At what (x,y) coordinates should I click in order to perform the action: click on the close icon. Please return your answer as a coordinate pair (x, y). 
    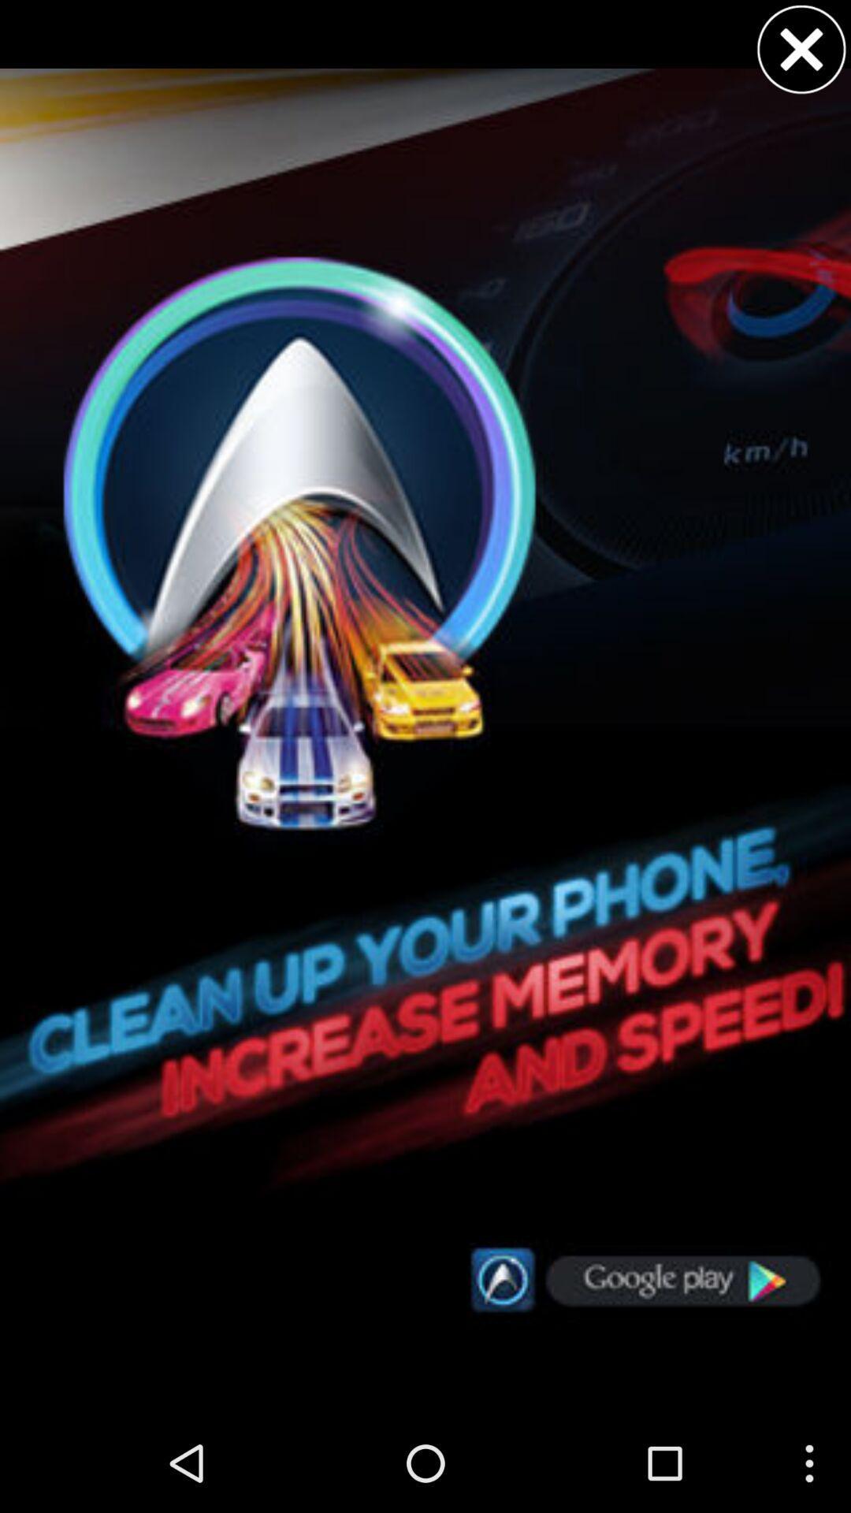
    Looking at the image, I should click on (801, 53).